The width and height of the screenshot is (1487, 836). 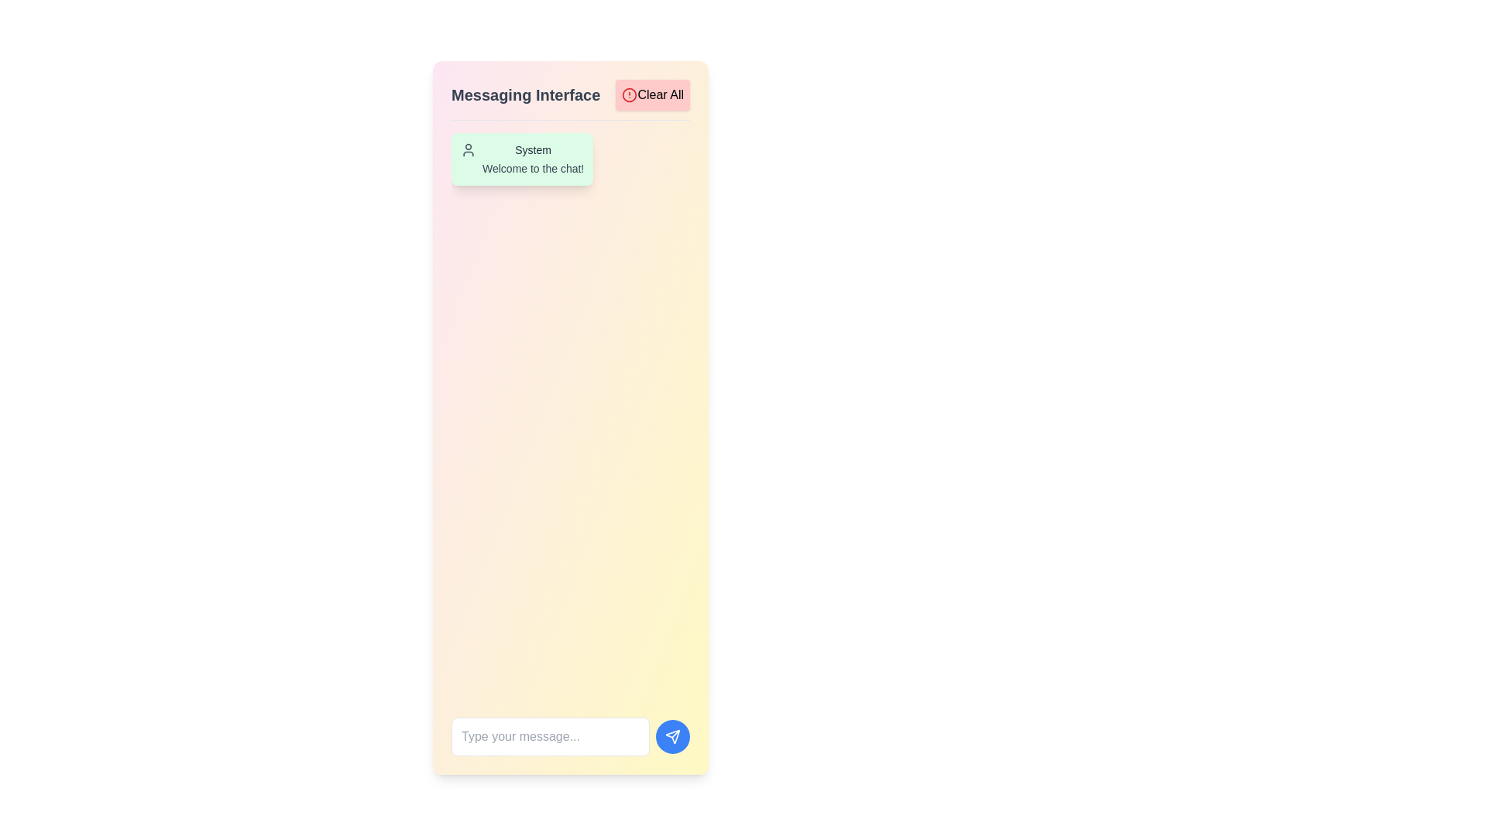 What do you see at coordinates (550, 736) in the screenshot?
I see `the Text Input Field located near the bottom center of the interface, to the left of the send button` at bounding box center [550, 736].